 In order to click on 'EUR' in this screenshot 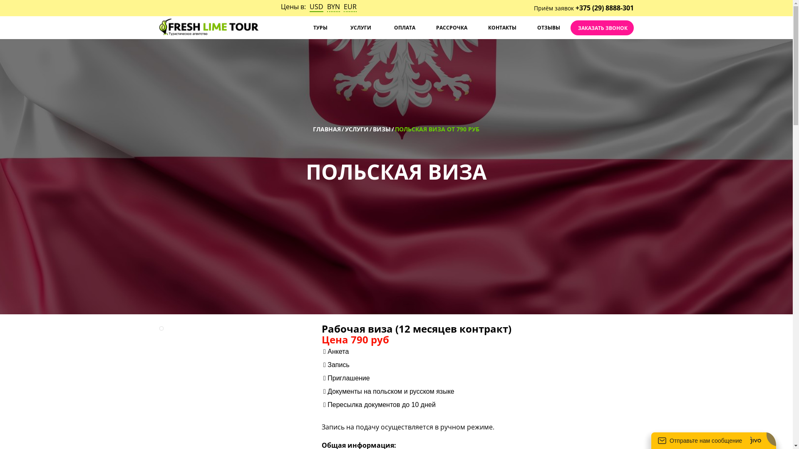, I will do `click(350, 7)`.